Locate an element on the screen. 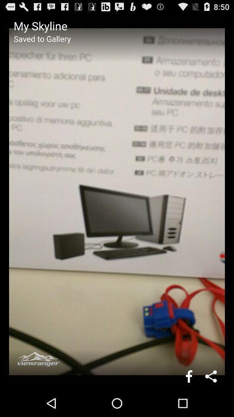 This screenshot has width=234, height=417. facebook is located at coordinates (188, 376).